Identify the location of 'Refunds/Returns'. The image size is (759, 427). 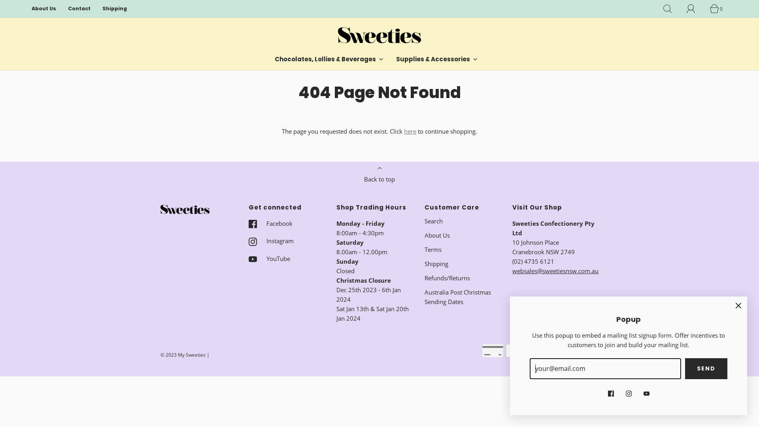
(447, 277).